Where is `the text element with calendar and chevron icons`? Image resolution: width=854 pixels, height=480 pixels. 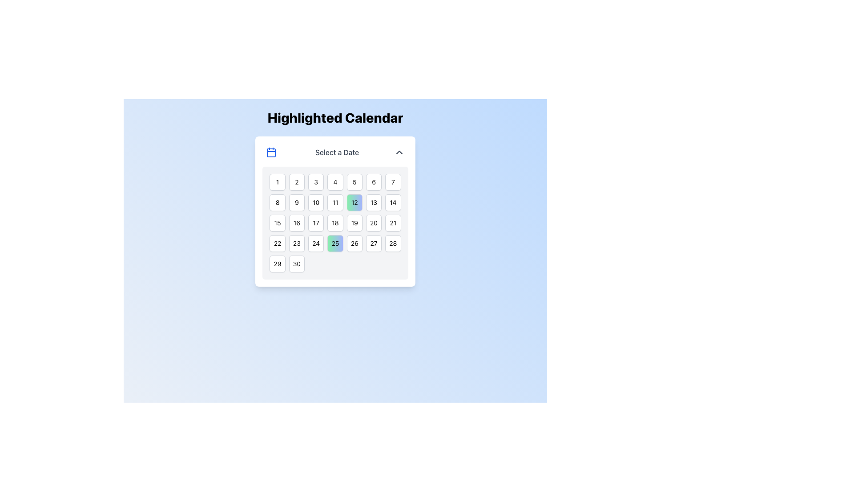
the text element with calendar and chevron icons is located at coordinates (334, 152).